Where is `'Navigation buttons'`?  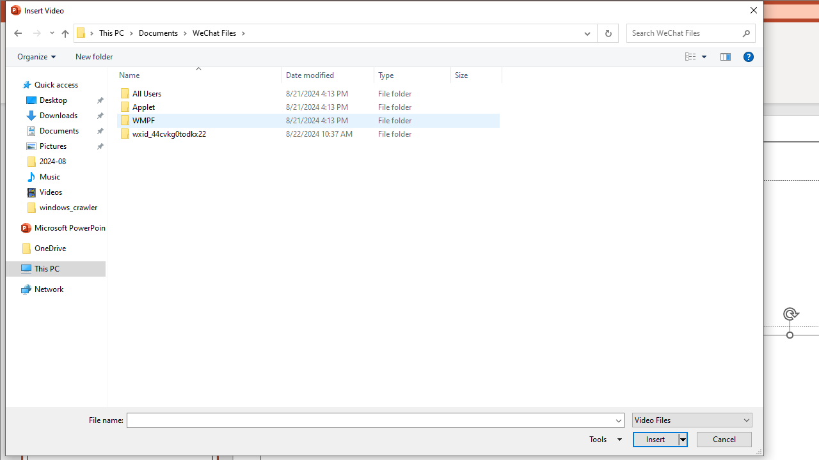
'Navigation buttons' is located at coordinates (33, 32).